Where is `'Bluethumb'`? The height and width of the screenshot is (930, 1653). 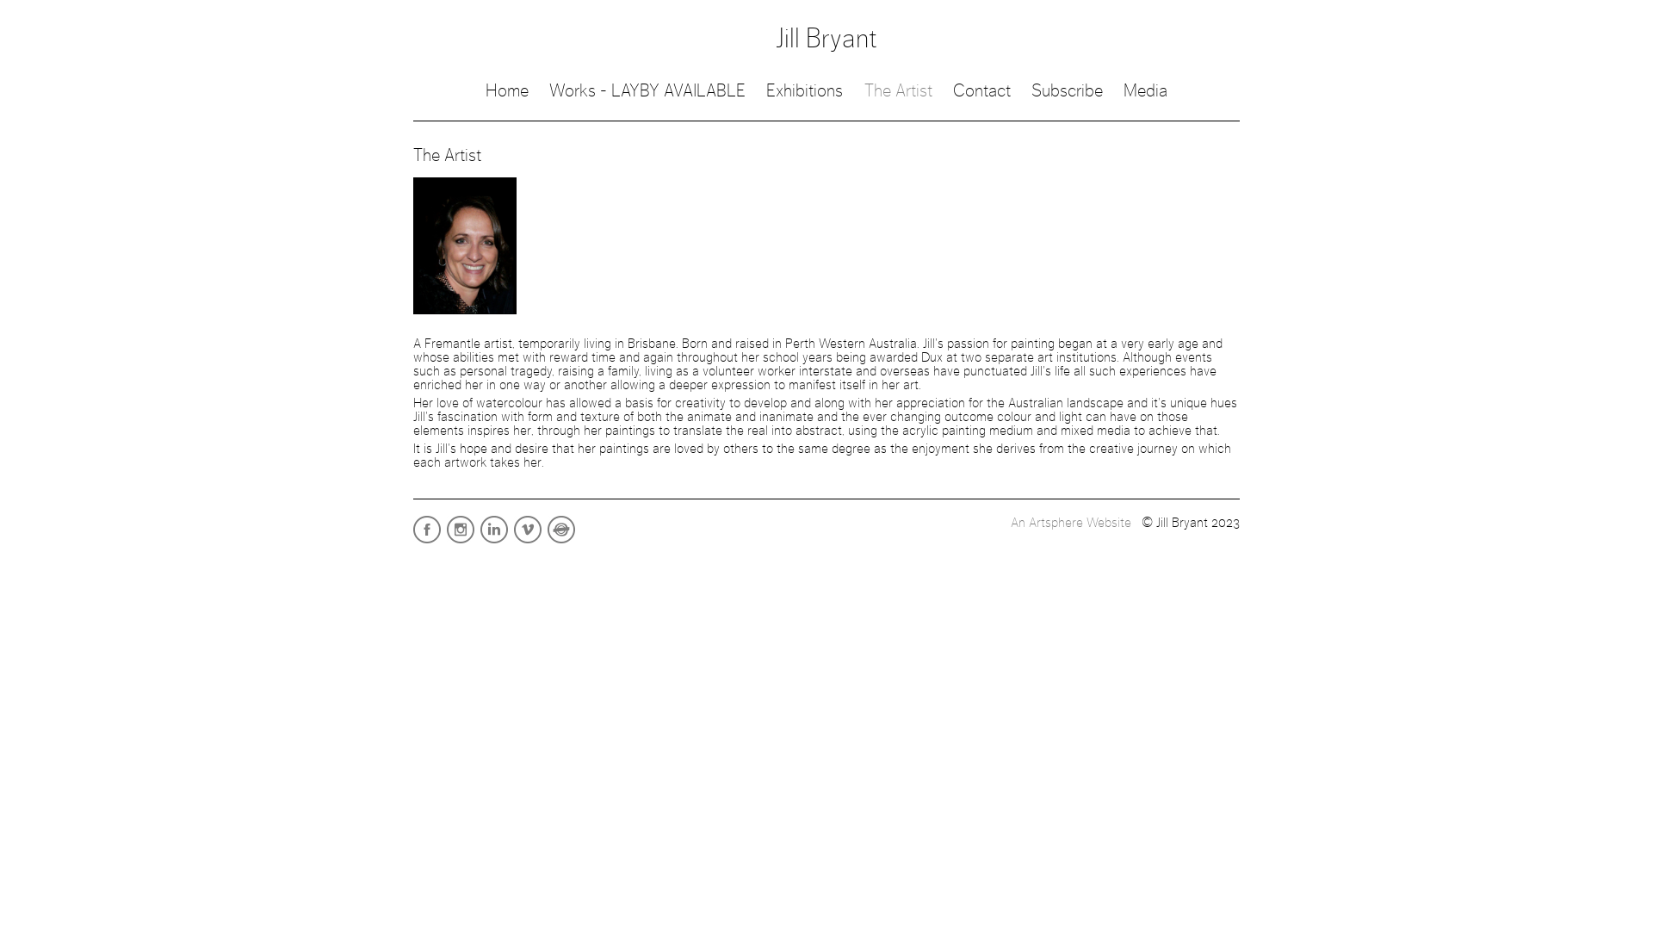 'Bluethumb' is located at coordinates (546, 541).